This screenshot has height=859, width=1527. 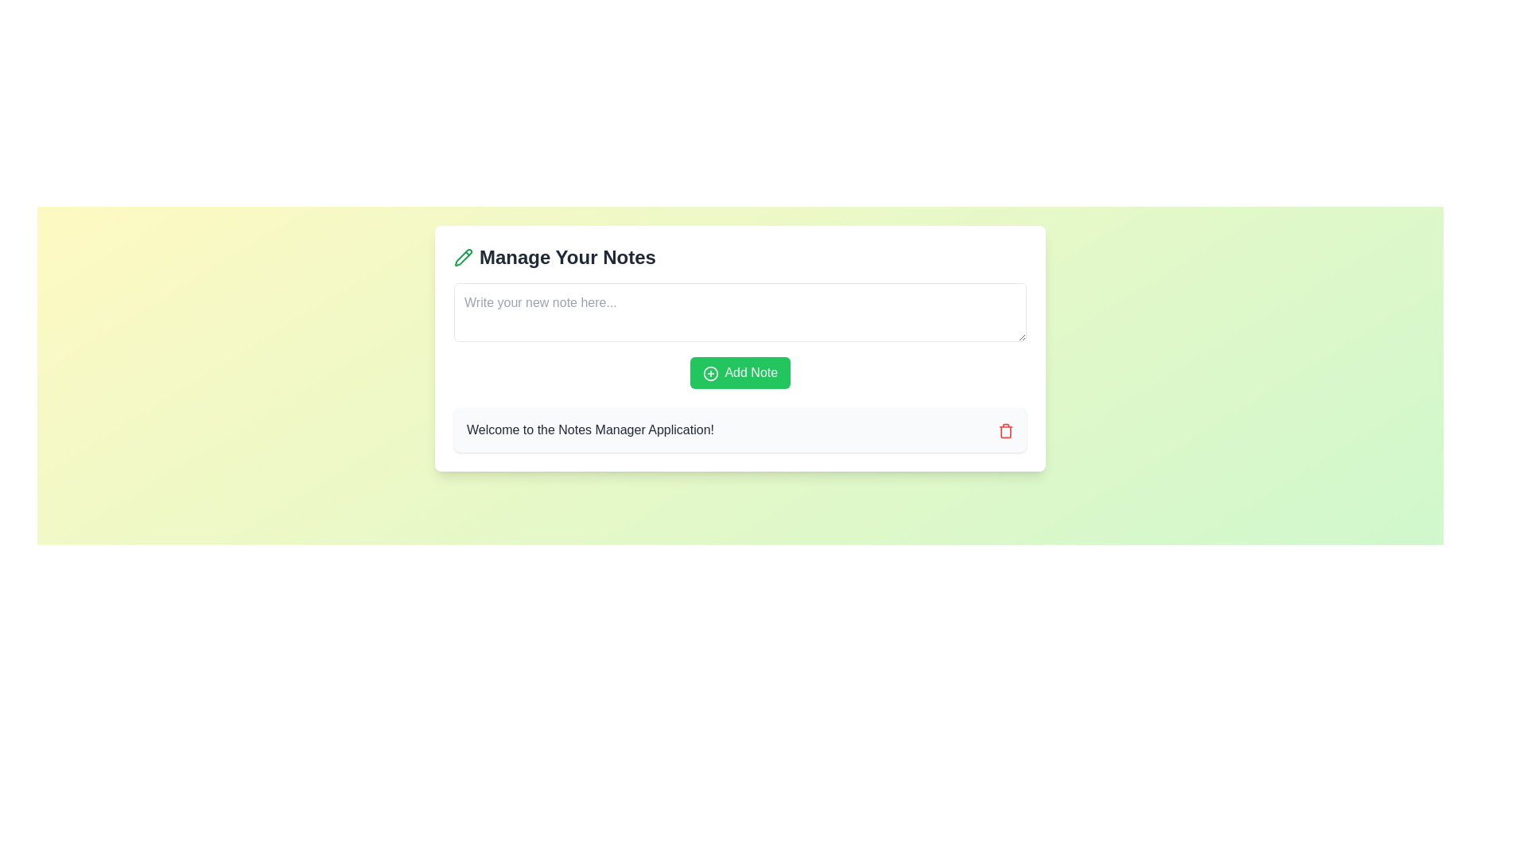 I want to click on the circular graphical component that is part of the 'Add Note' button, which features a thin border and frames a '+' symbol, so click(x=709, y=373).